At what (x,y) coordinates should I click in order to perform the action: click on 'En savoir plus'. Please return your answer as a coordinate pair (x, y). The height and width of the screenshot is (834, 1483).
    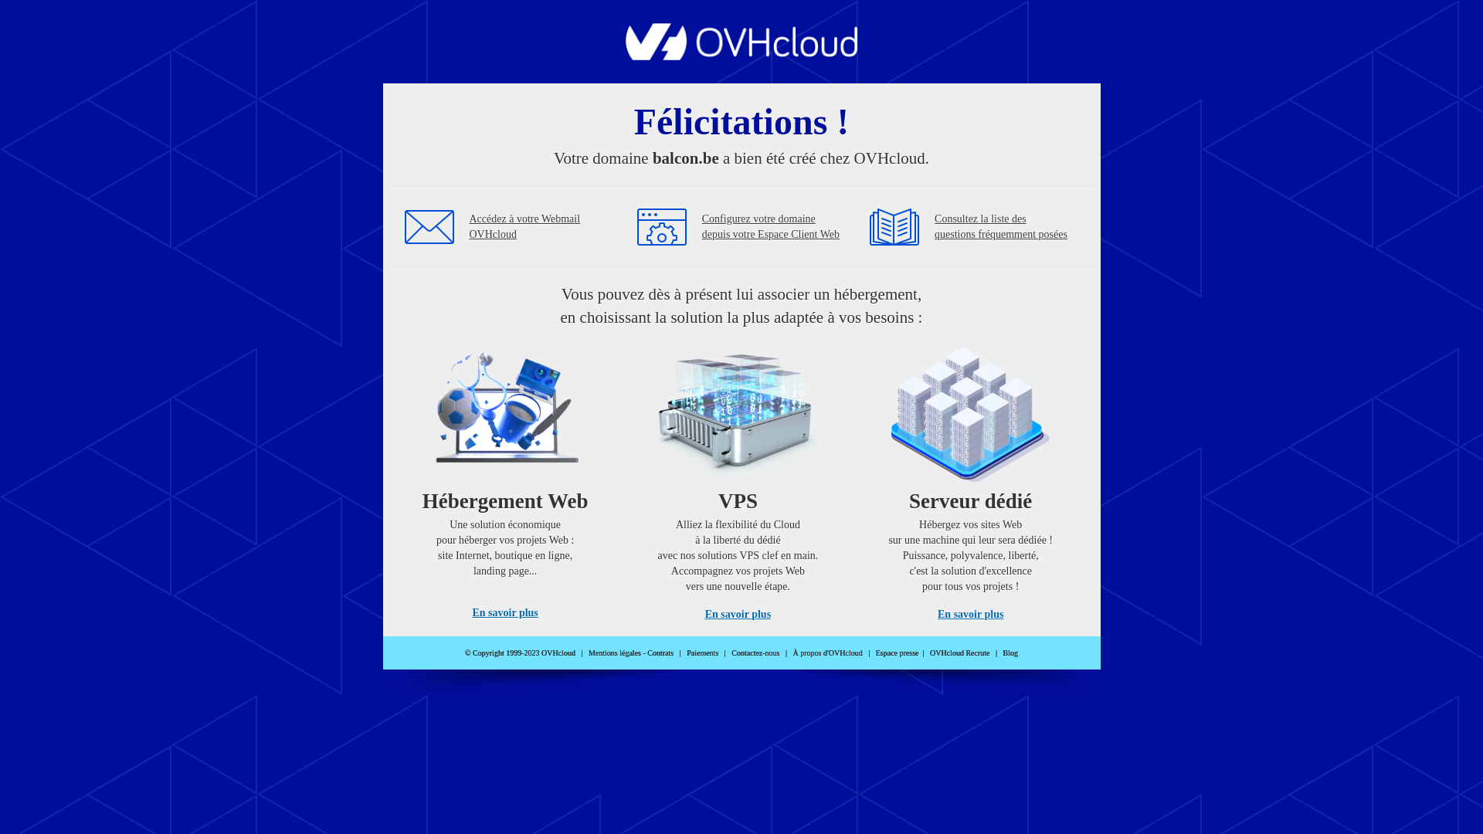
    Looking at the image, I should click on (737, 613).